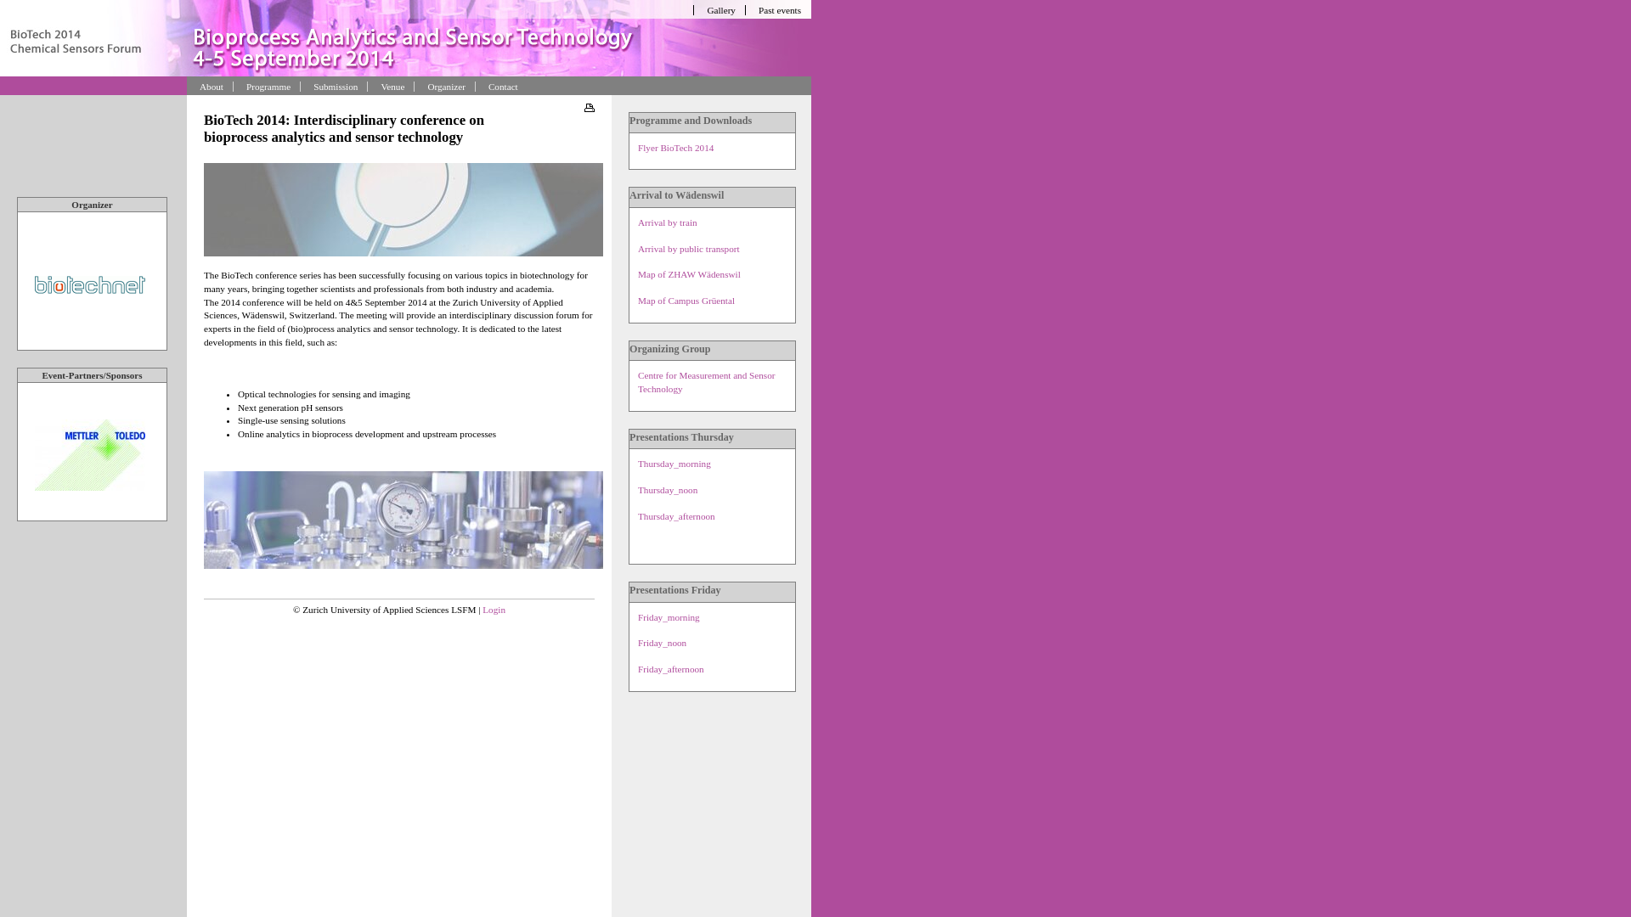 The height and width of the screenshot is (917, 1631). I want to click on 'Arrival by public transport', so click(636, 249).